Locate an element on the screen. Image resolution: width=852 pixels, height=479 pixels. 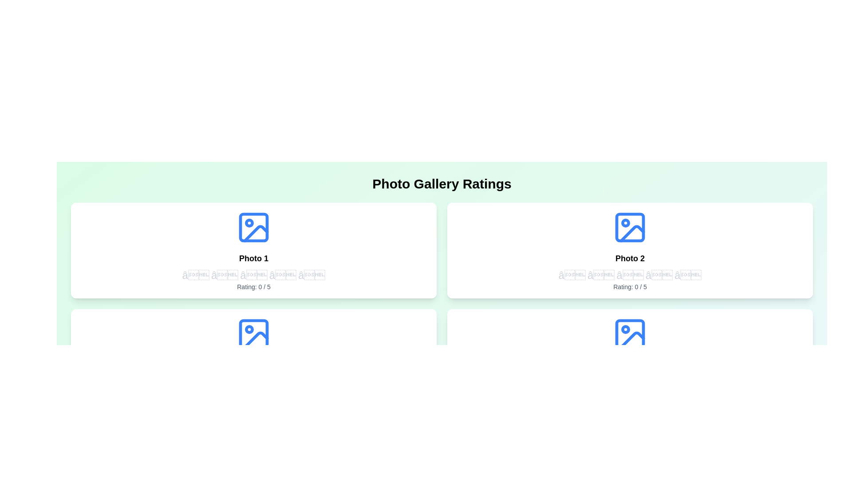
the photo icon to view the image details is located at coordinates (253, 227).